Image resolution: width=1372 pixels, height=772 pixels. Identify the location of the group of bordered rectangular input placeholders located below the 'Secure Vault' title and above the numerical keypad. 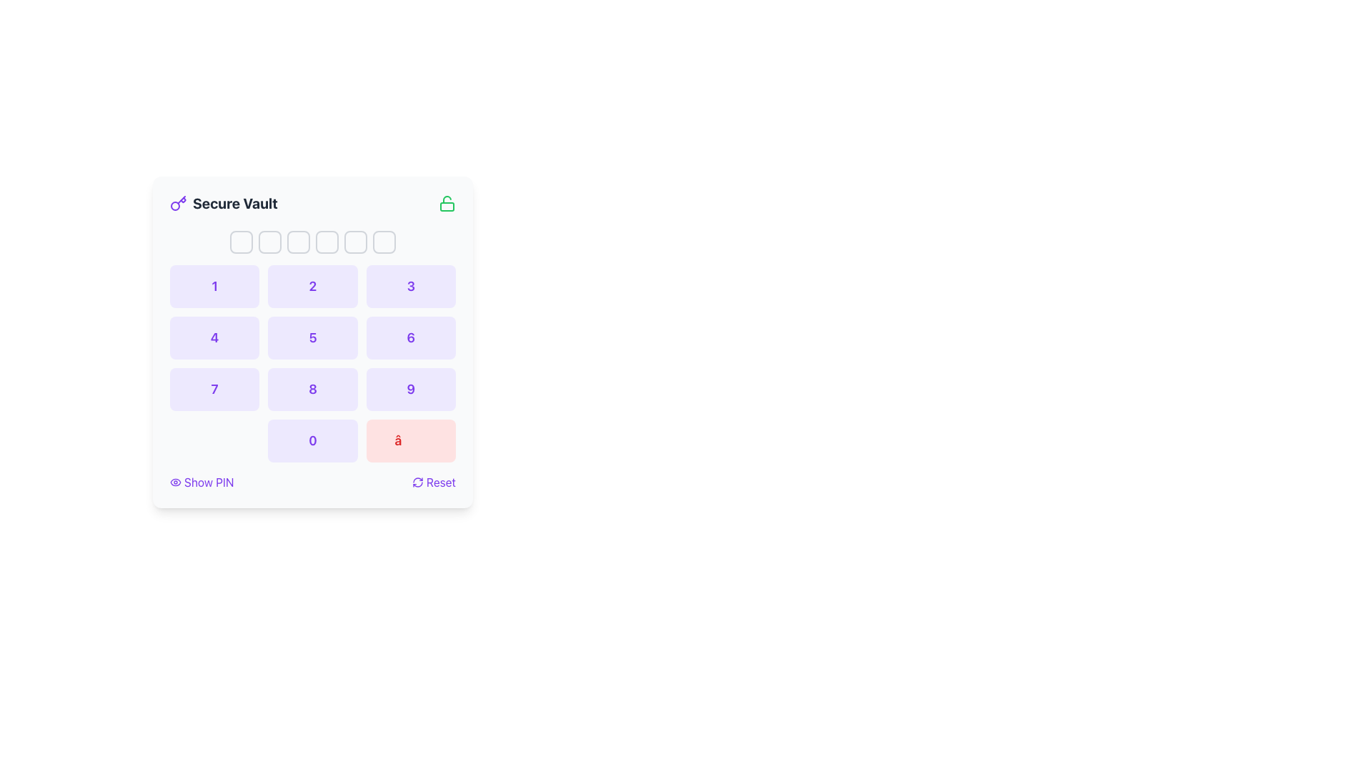
(312, 242).